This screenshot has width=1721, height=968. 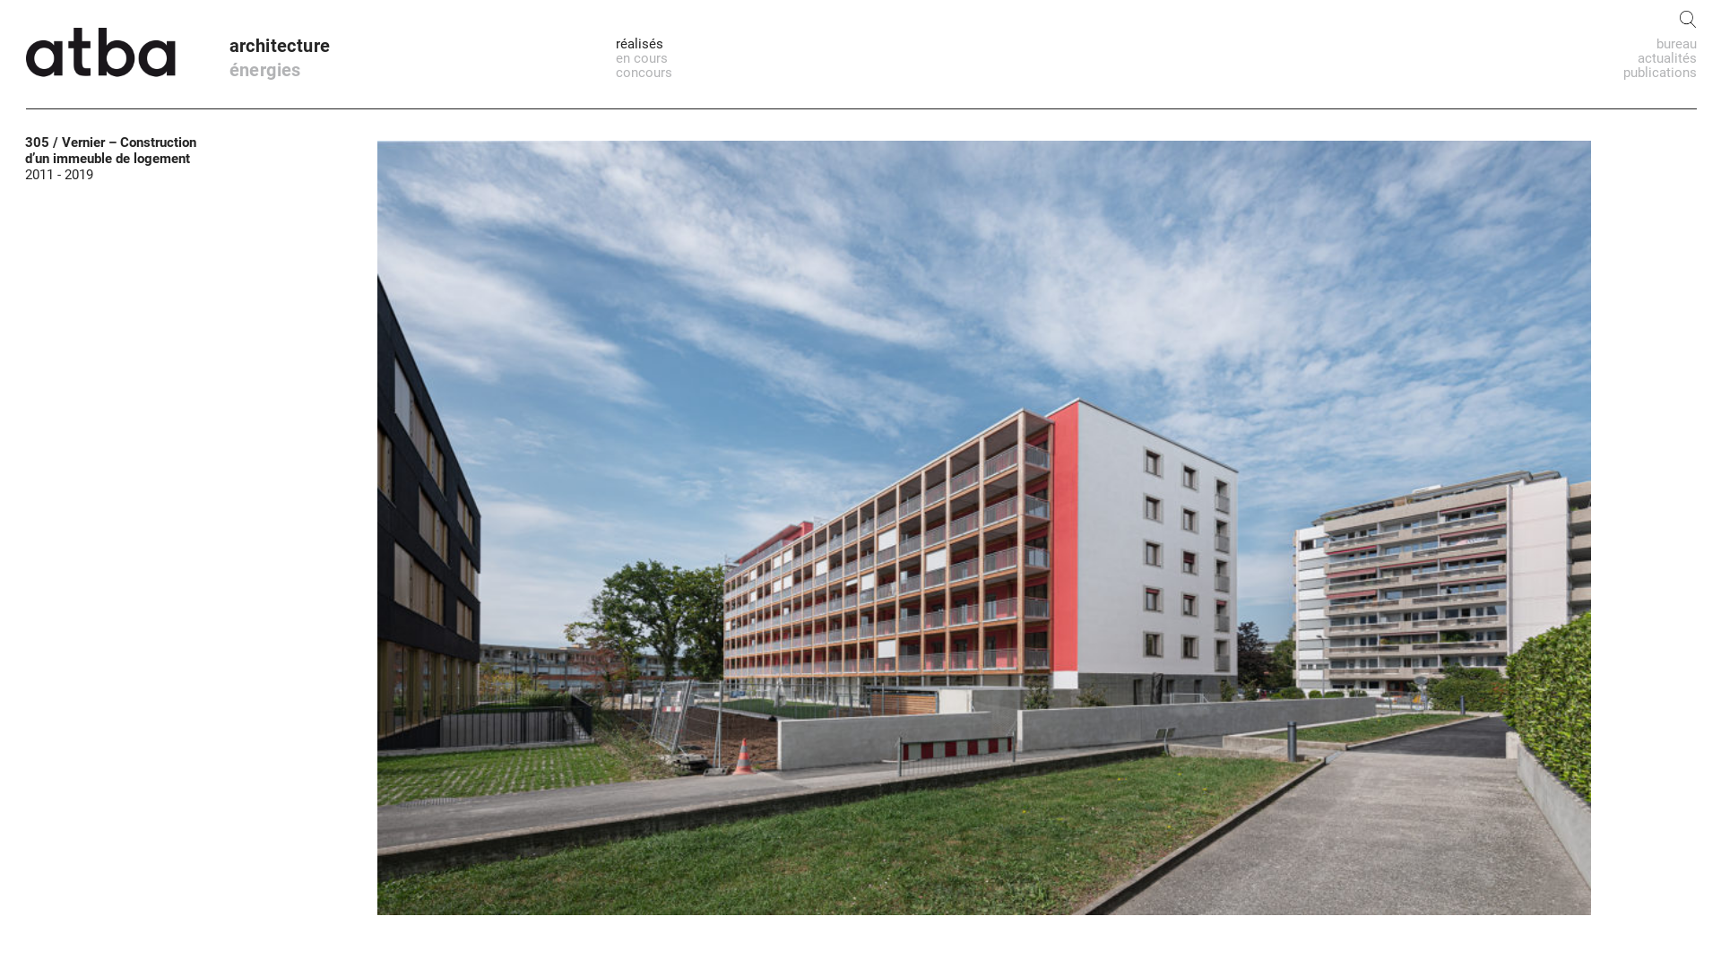 What do you see at coordinates (1656, 43) in the screenshot?
I see `'bureau'` at bounding box center [1656, 43].